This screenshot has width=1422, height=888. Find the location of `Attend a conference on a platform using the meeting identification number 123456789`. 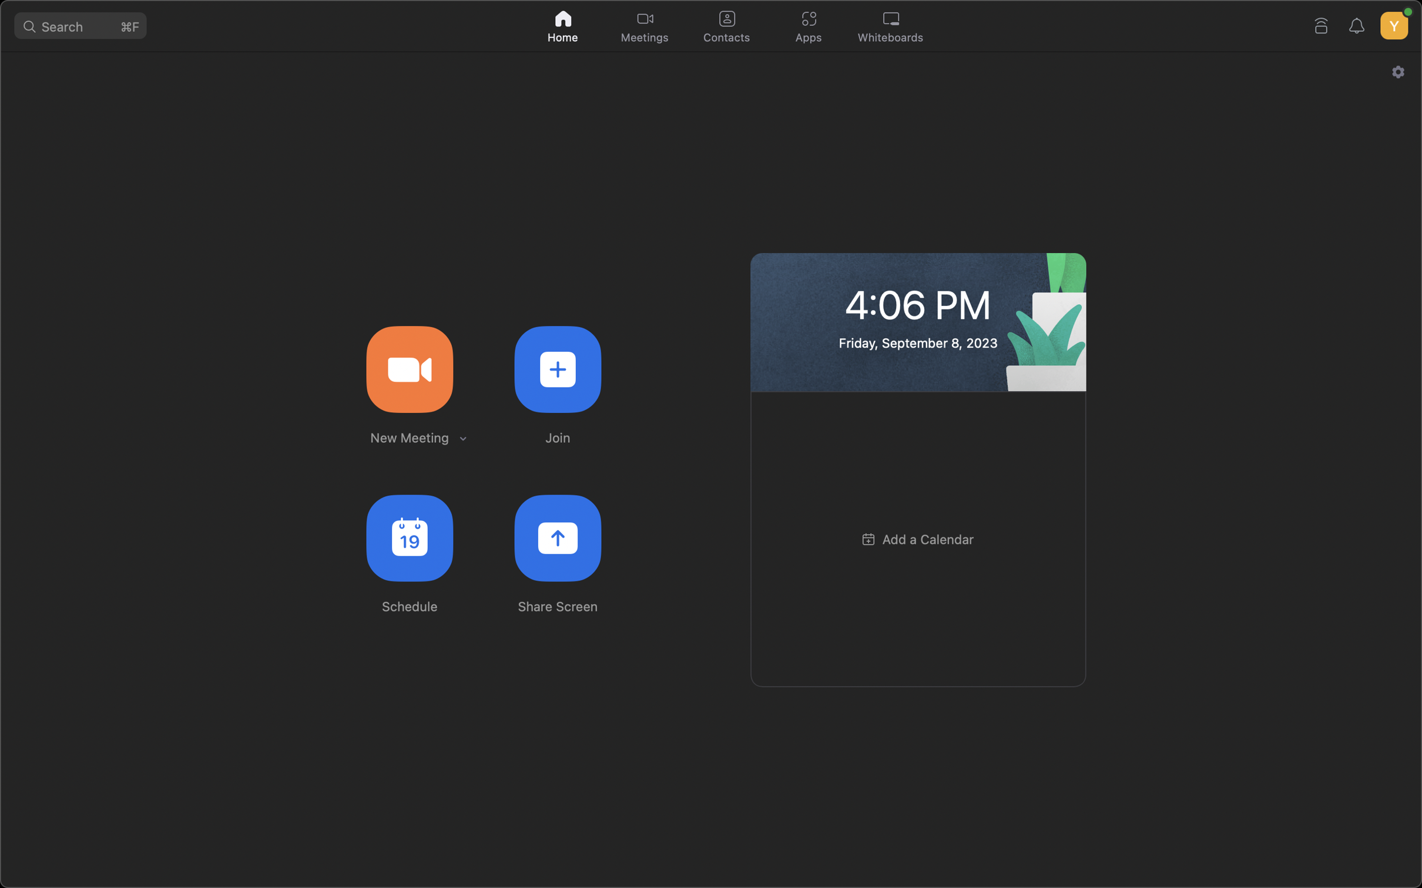

Attend a conference on a platform using the meeting identification number 123456789 is located at coordinates (557, 368).